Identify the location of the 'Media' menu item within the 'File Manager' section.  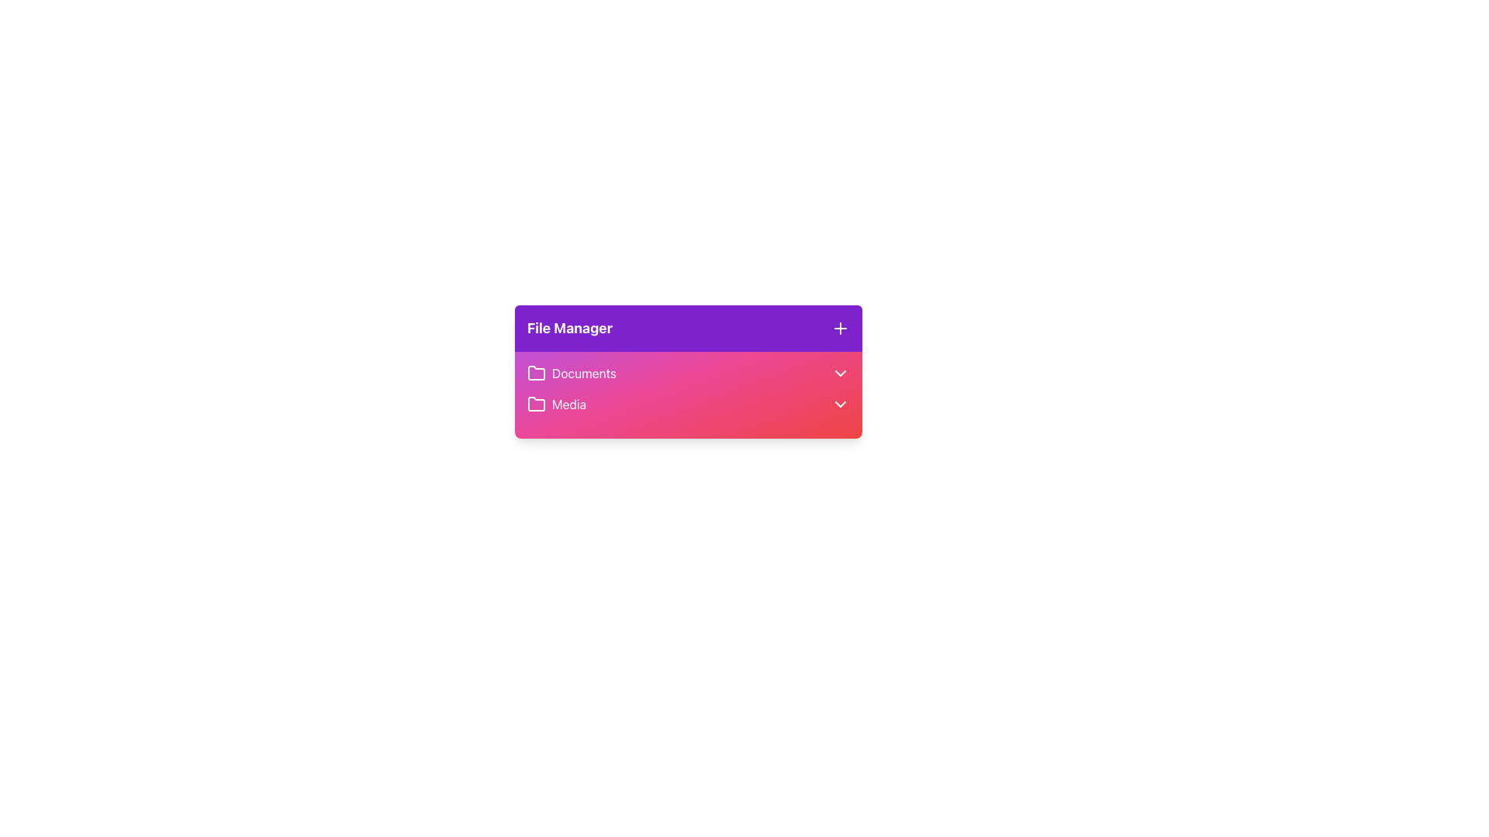
(688, 403).